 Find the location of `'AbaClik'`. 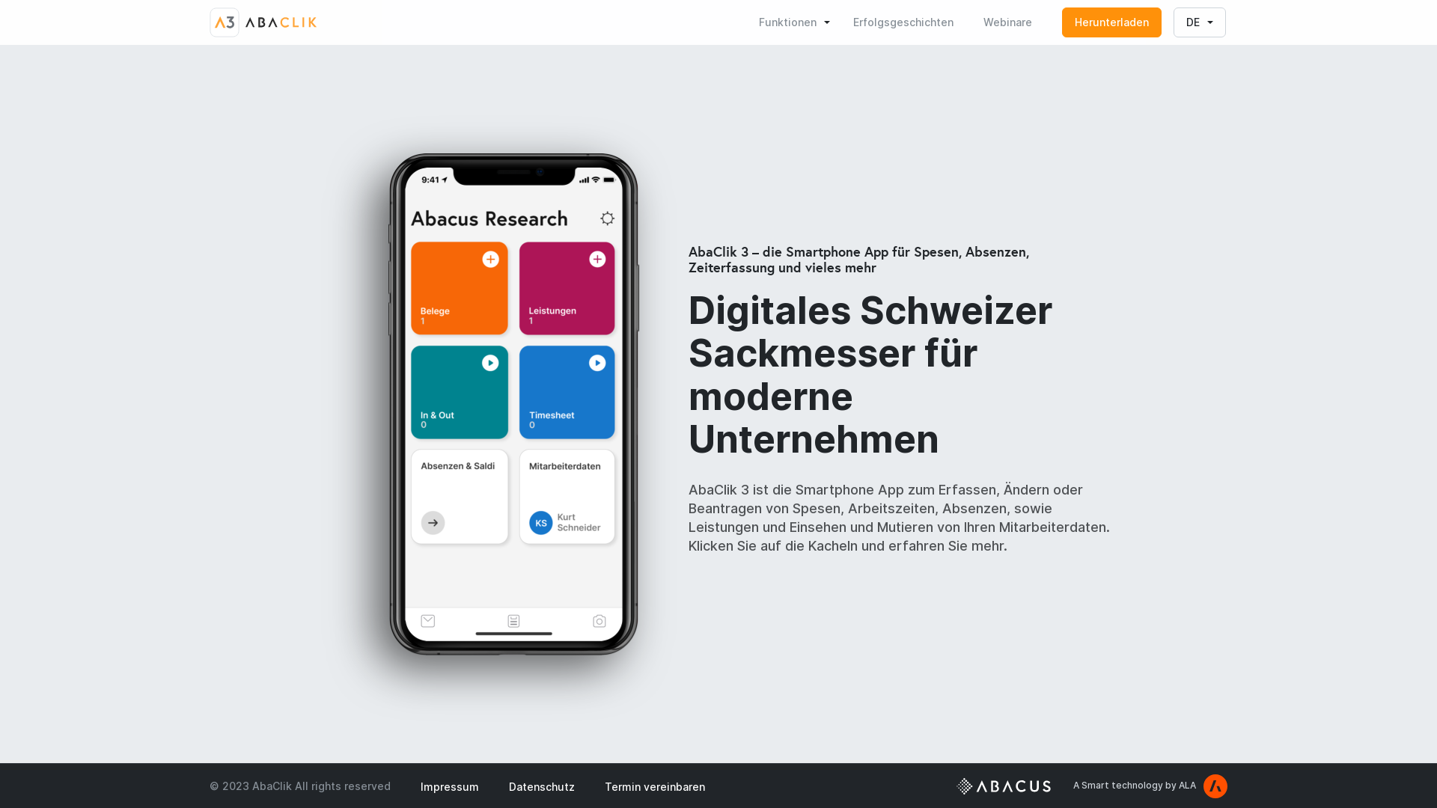

'AbaClik' is located at coordinates (263, 22).